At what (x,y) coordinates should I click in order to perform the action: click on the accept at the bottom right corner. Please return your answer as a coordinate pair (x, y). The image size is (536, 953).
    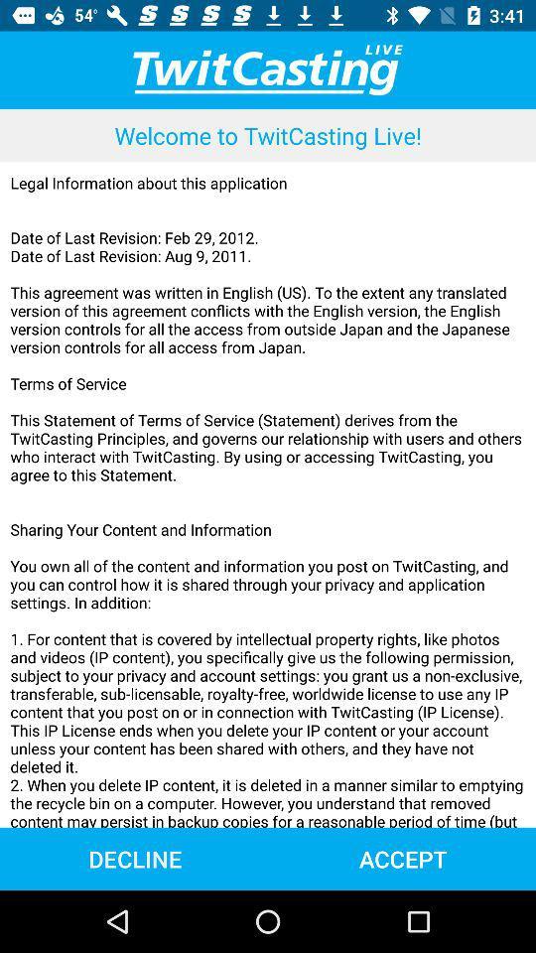
    Looking at the image, I should click on (402, 858).